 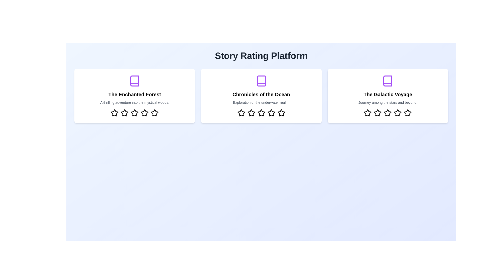 What do you see at coordinates (135, 81) in the screenshot?
I see `the icon associated with the story 'The Enchanted Forest'` at bounding box center [135, 81].